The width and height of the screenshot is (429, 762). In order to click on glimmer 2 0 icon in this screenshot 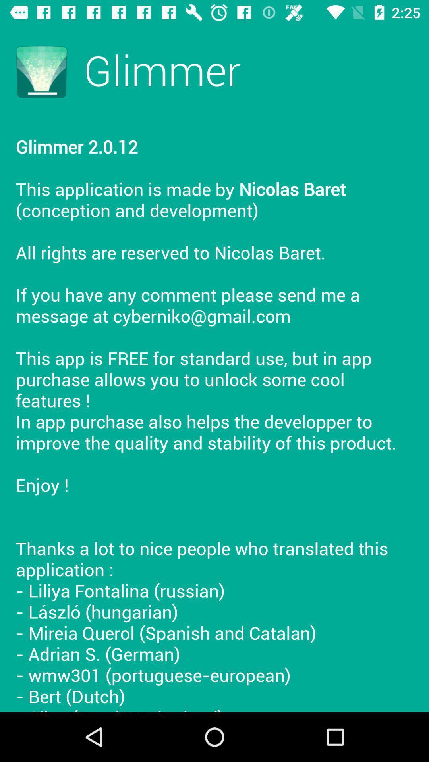, I will do `click(214, 415)`.